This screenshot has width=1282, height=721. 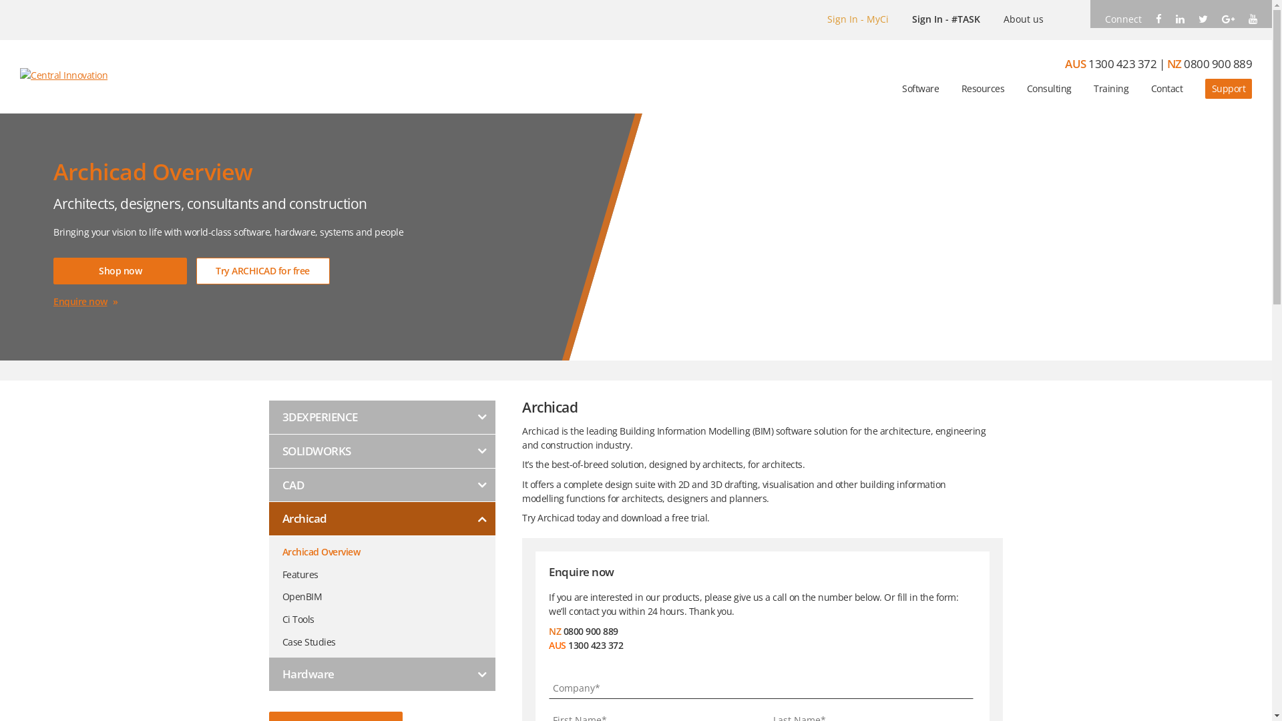 What do you see at coordinates (120, 270) in the screenshot?
I see `'Shop now'` at bounding box center [120, 270].